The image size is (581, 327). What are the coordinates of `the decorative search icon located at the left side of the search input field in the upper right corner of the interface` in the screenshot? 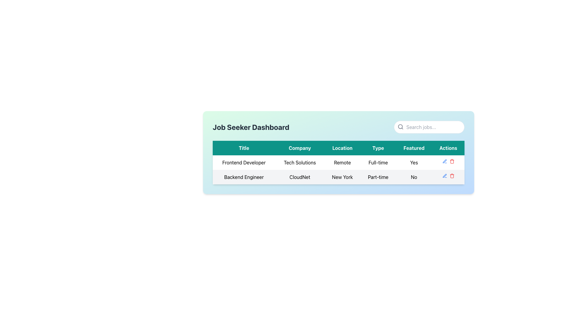 It's located at (401, 127).